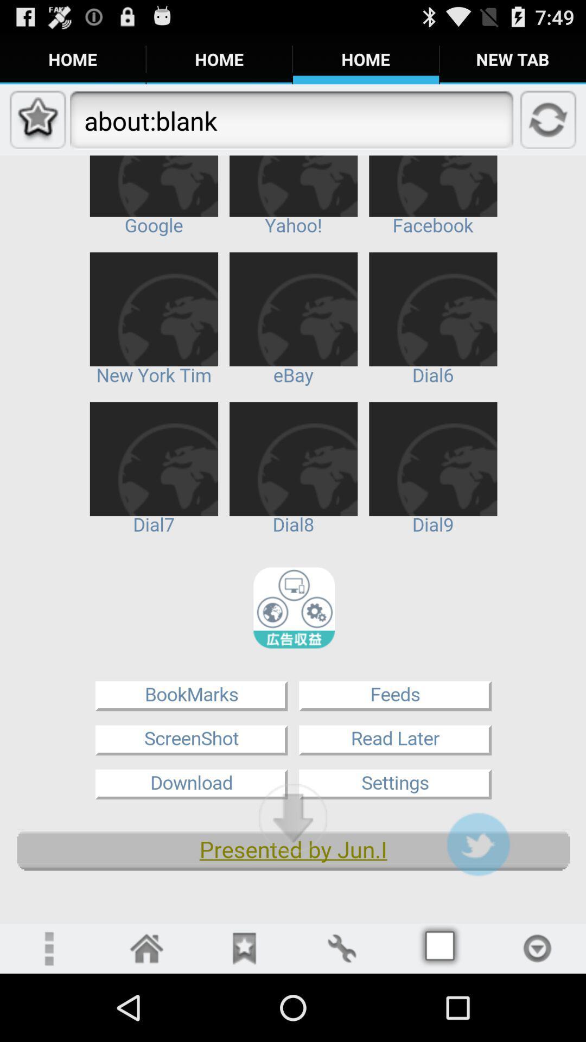 This screenshot has height=1042, width=586. What do you see at coordinates (537, 948) in the screenshot?
I see `location` at bounding box center [537, 948].